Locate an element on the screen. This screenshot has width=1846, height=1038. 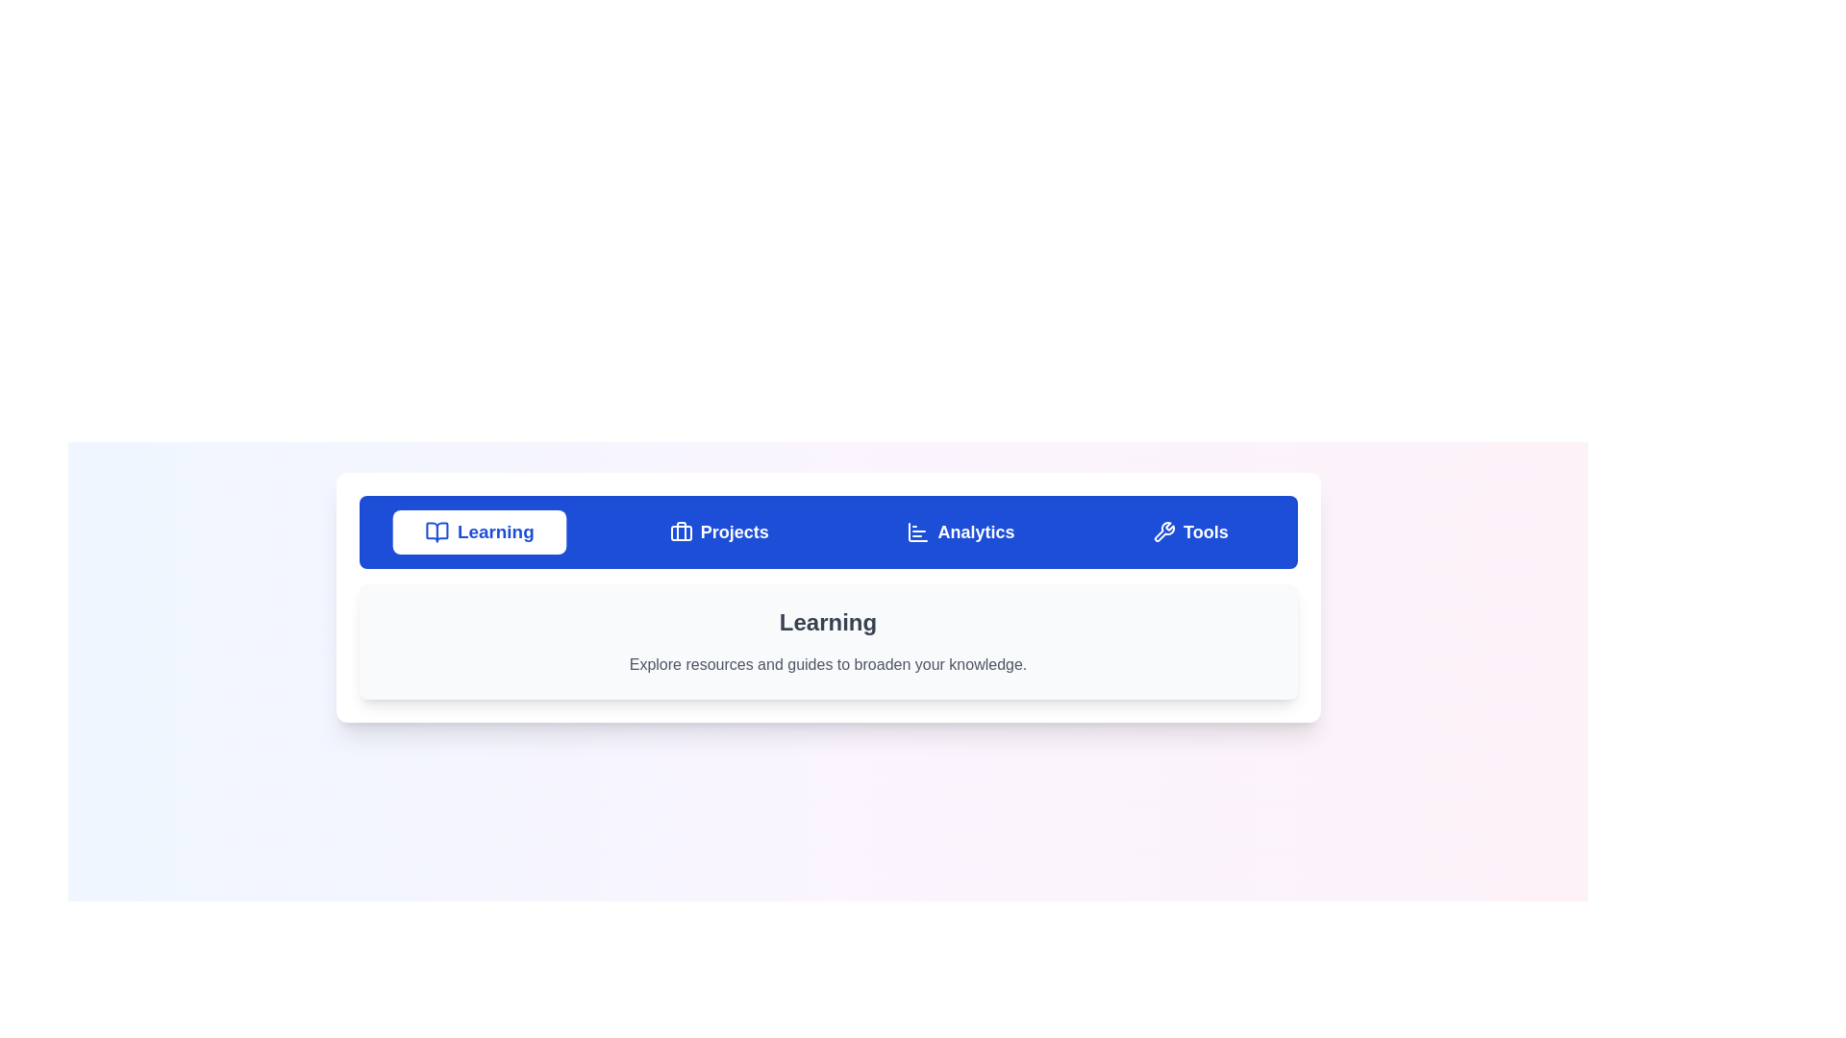
the decorative open book icon in the 'Learning' section of the menu, which is the leftmost icon among 'Projects,' 'Analytics,' and 'Tools.' is located at coordinates (437, 532).